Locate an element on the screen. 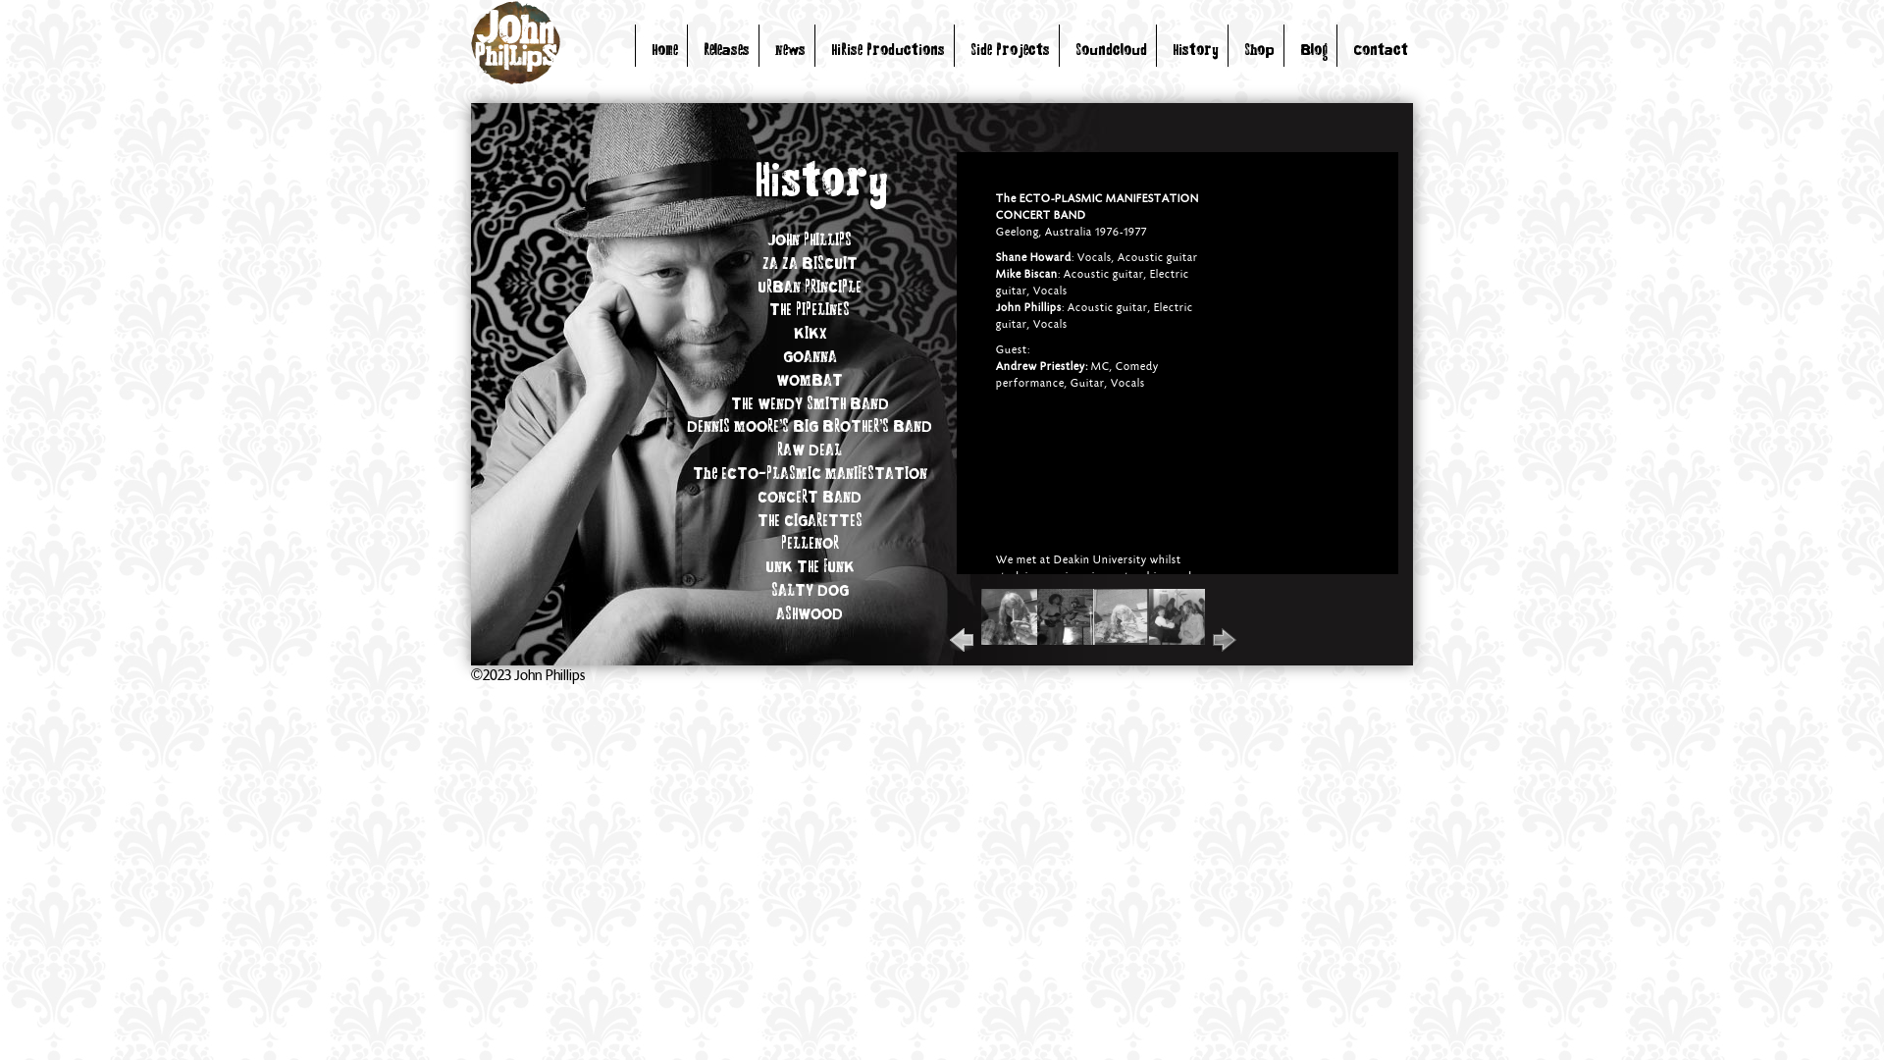 The height and width of the screenshot is (1060, 1884). 'ZA ZA BISCUIT' is located at coordinates (760, 265).